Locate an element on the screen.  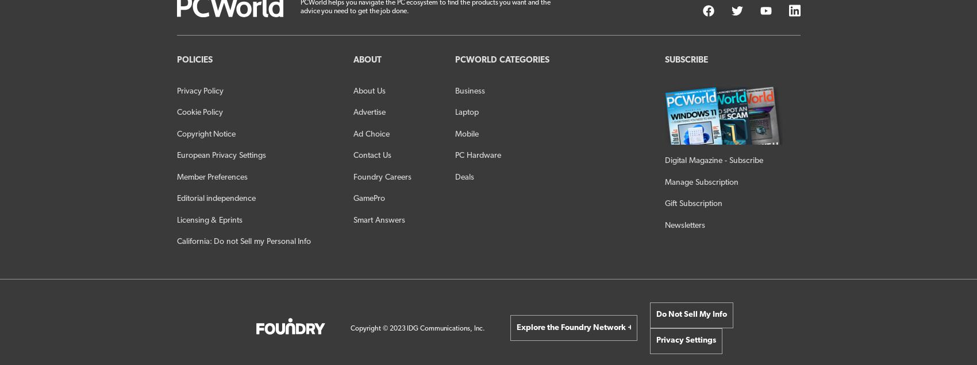
'Privacy Policy' is located at coordinates (199, 90).